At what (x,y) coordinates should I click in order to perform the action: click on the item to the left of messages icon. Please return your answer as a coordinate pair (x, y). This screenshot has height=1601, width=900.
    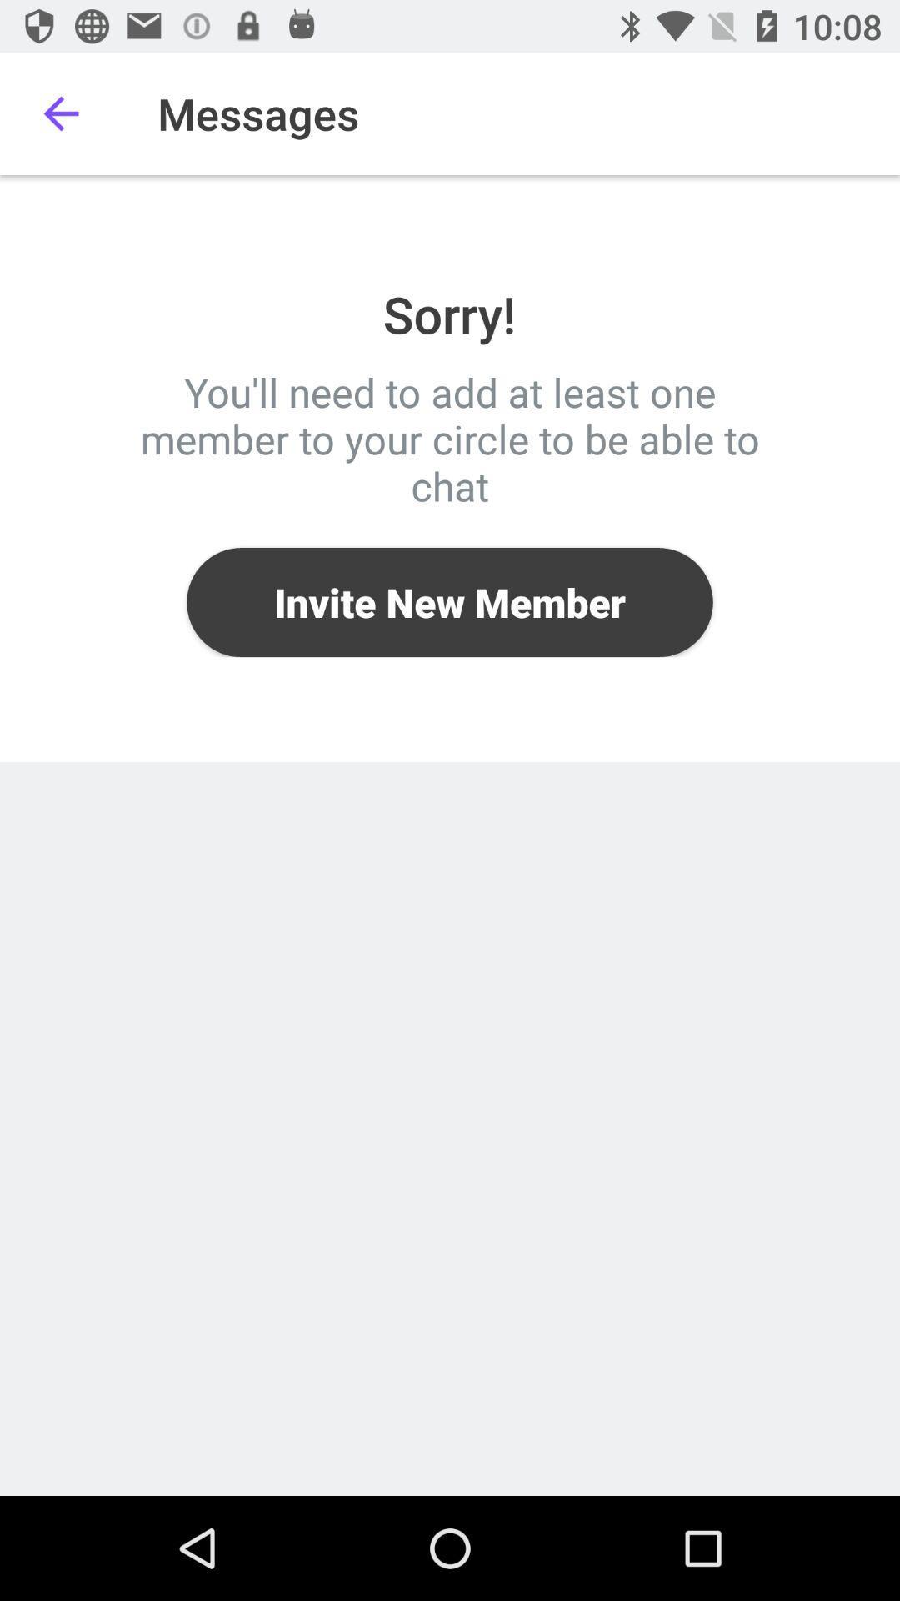
    Looking at the image, I should click on (60, 113).